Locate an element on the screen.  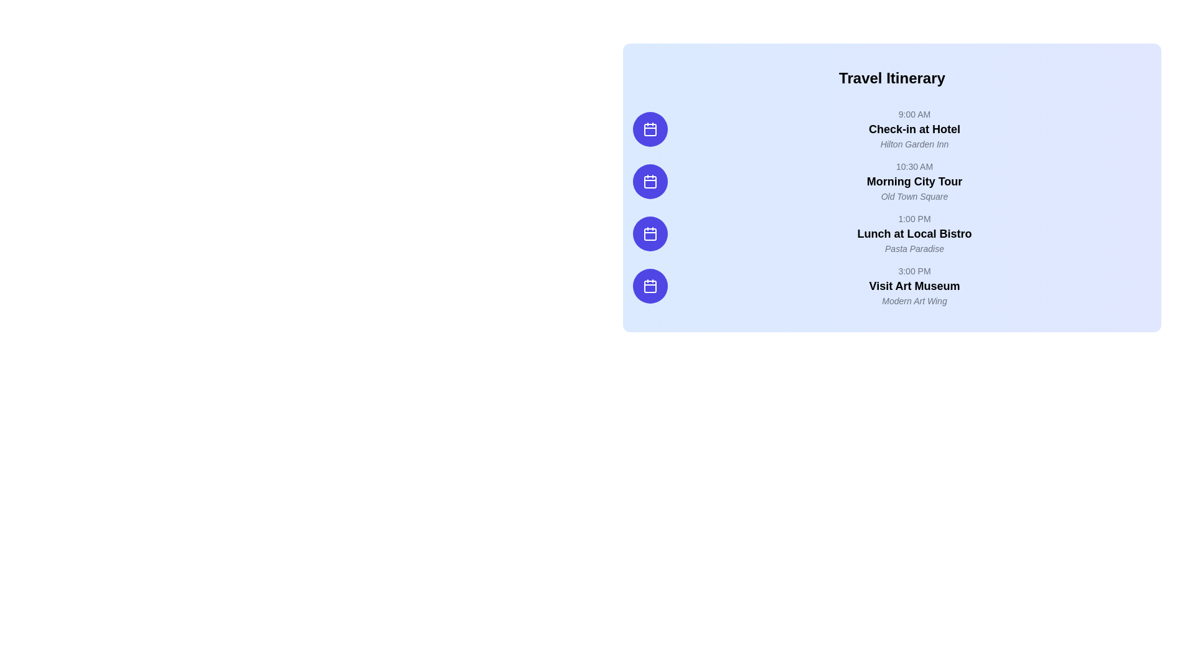
the static text displaying 'Modern Art Wing', which is italicized and grey, located beneath 'Visit Art Museum' is located at coordinates (914, 301).